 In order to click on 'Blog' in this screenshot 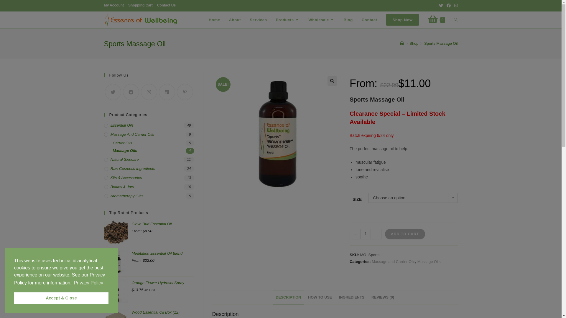, I will do `click(348, 20)`.